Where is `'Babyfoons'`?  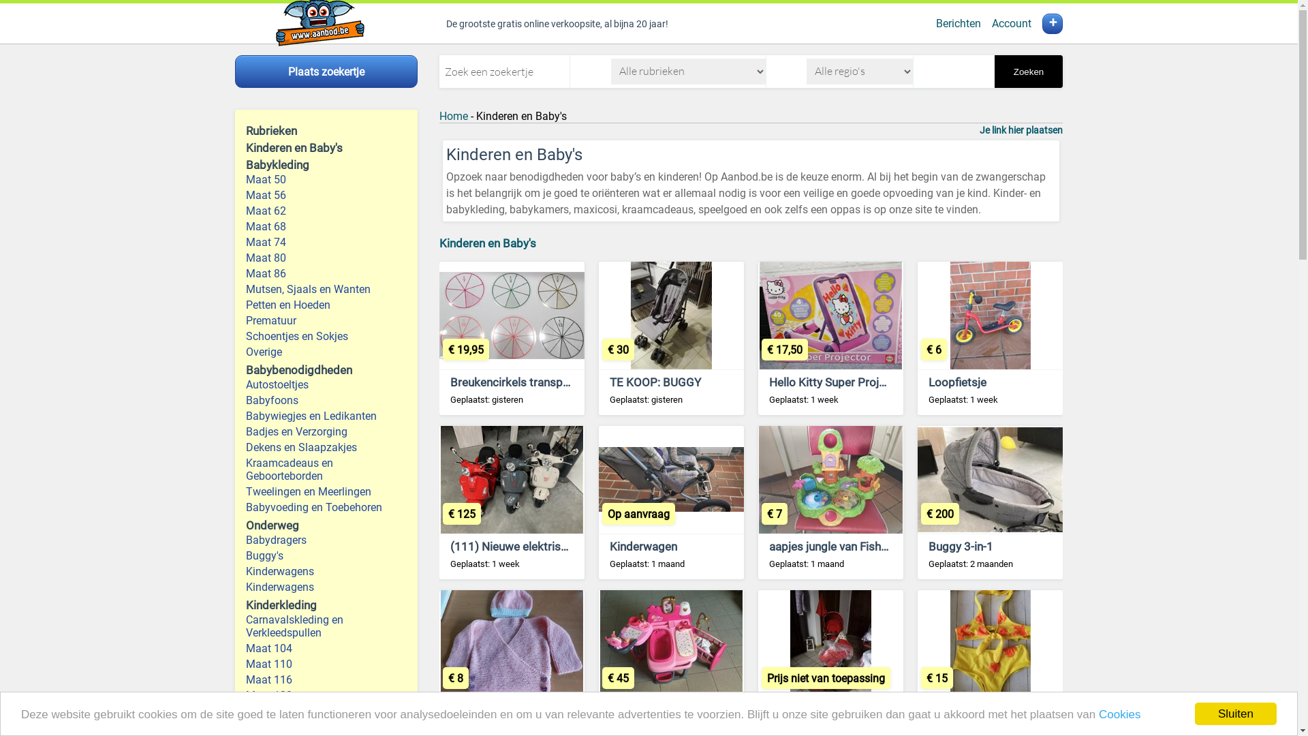 'Babyfoons' is located at coordinates (326, 399).